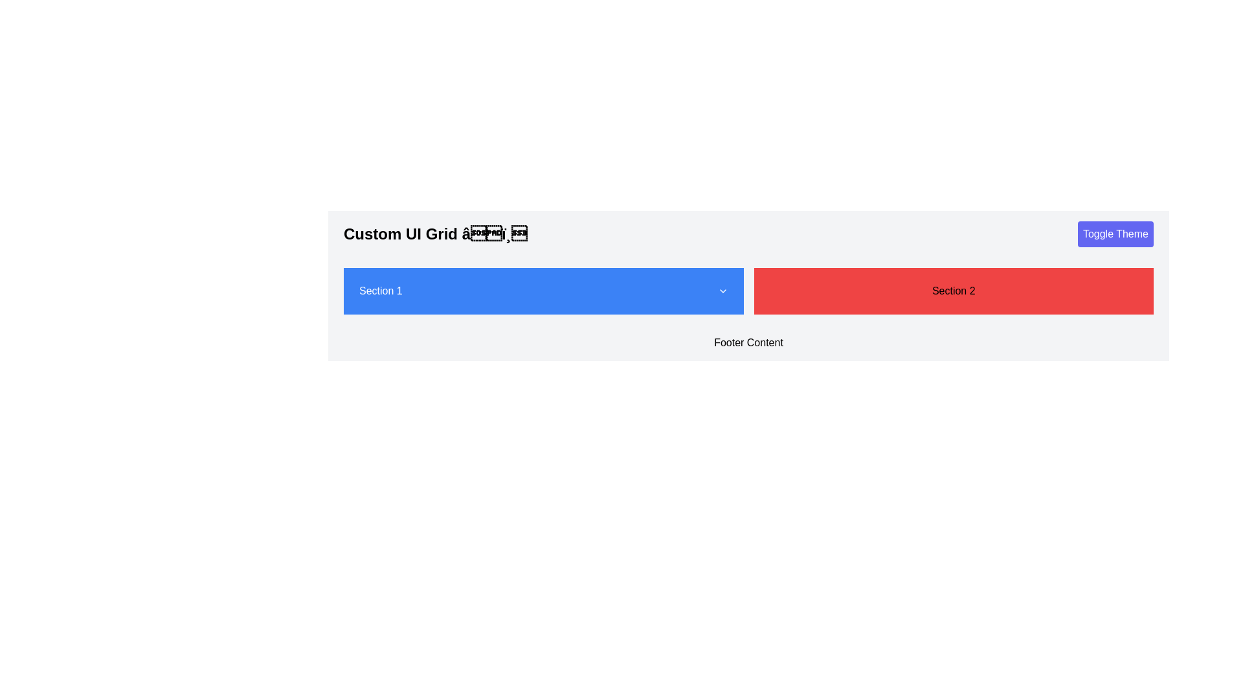 This screenshot has width=1243, height=699. I want to click on the sun symbol (☀️) icon next to the text 'Custom UI Grid' located in the top-left section of the user interface, so click(493, 234).